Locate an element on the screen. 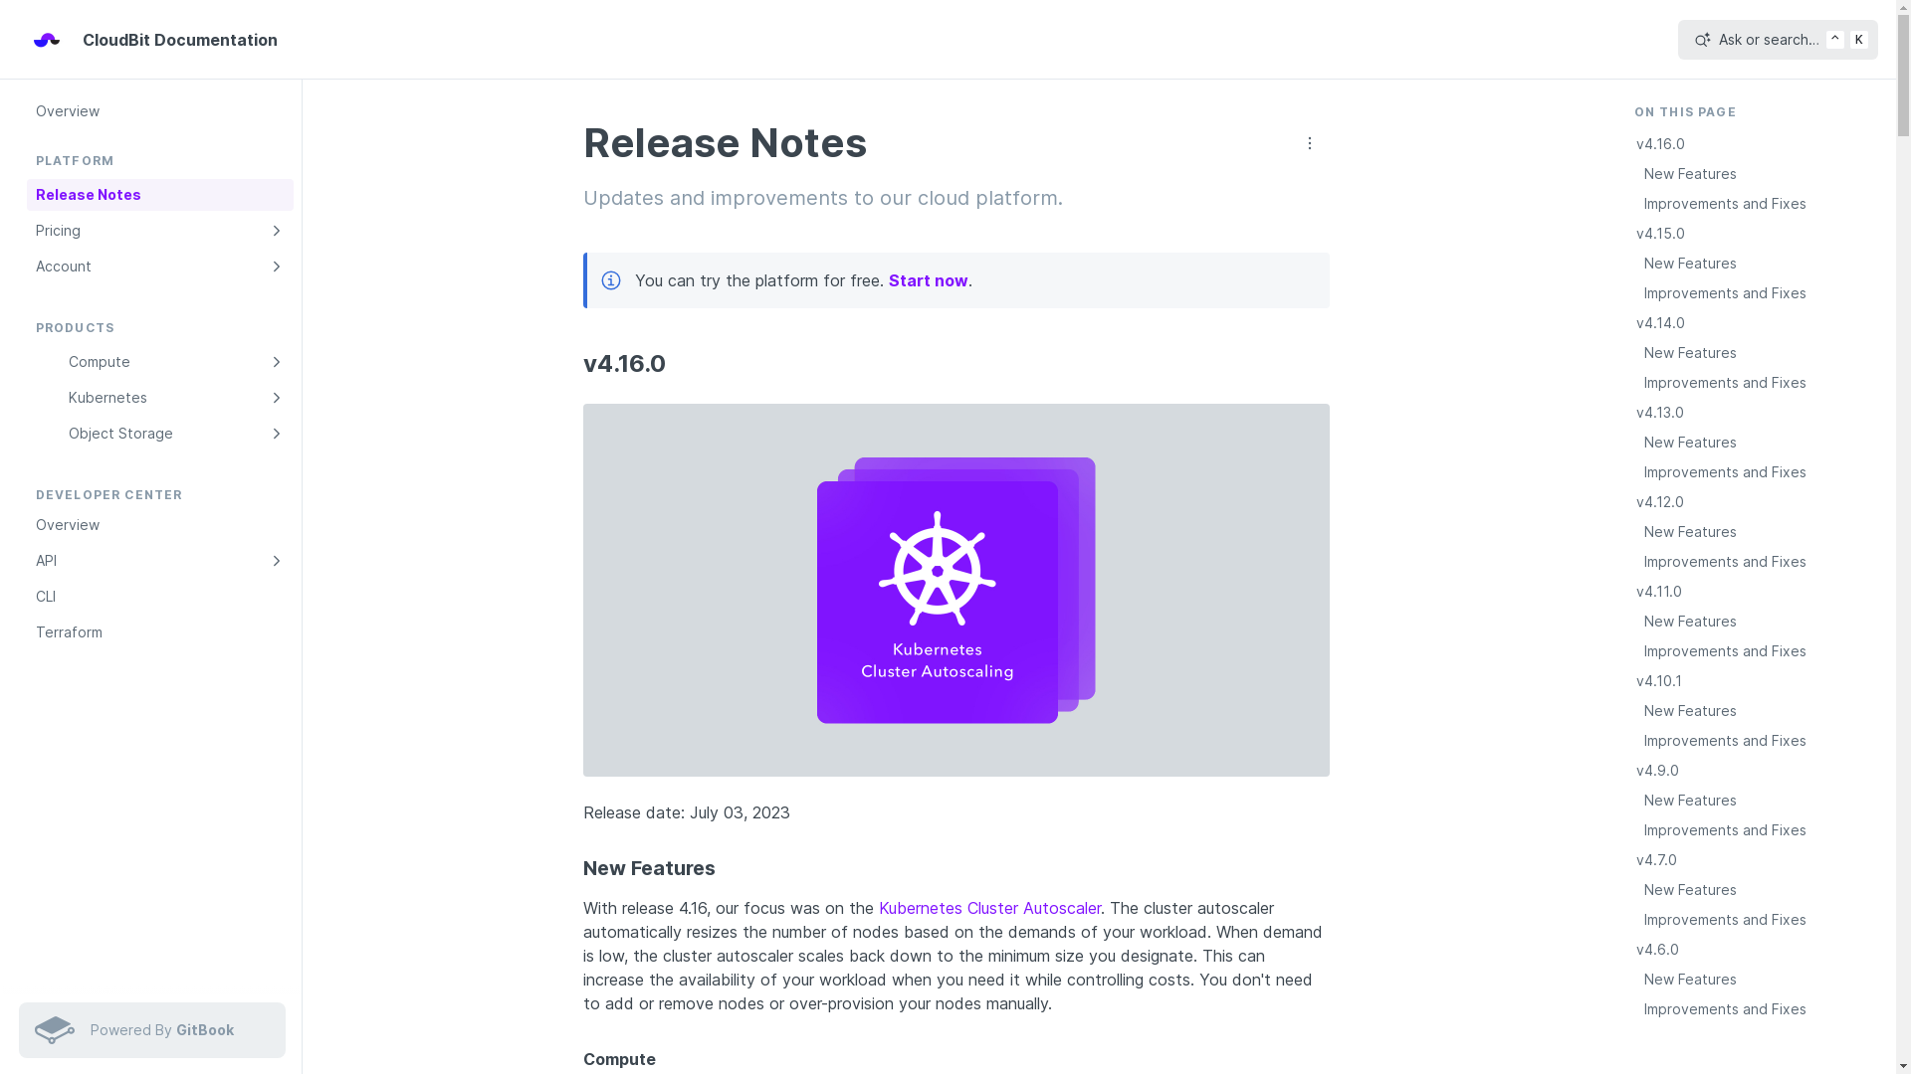  'Terraform' is located at coordinates (157, 632).